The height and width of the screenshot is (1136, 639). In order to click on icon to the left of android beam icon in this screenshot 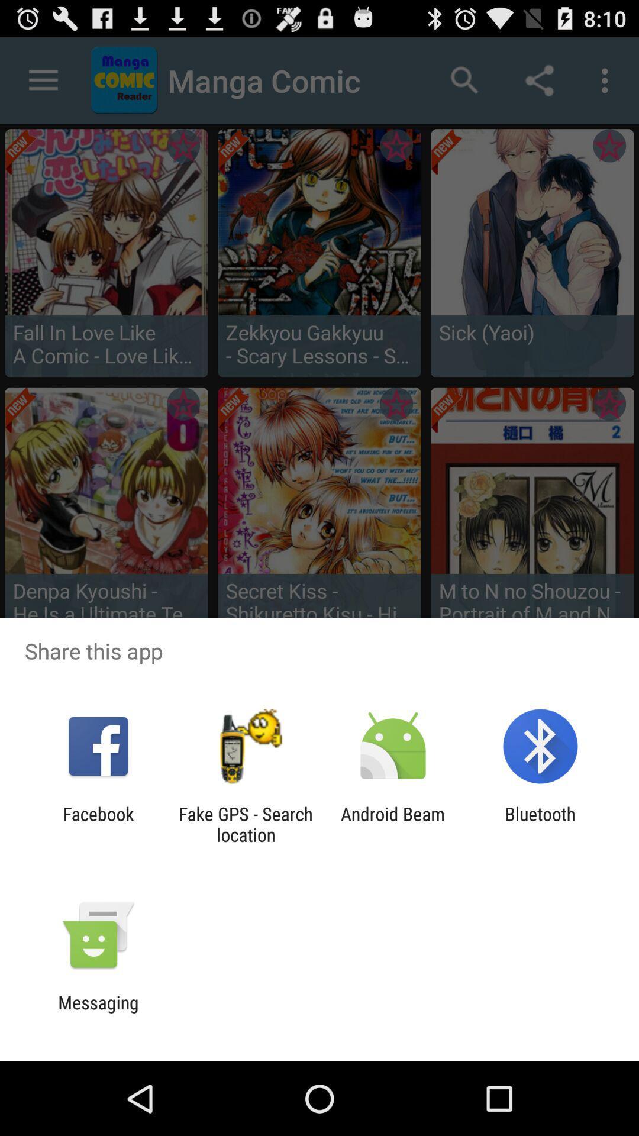, I will do `click(245, 824)`.